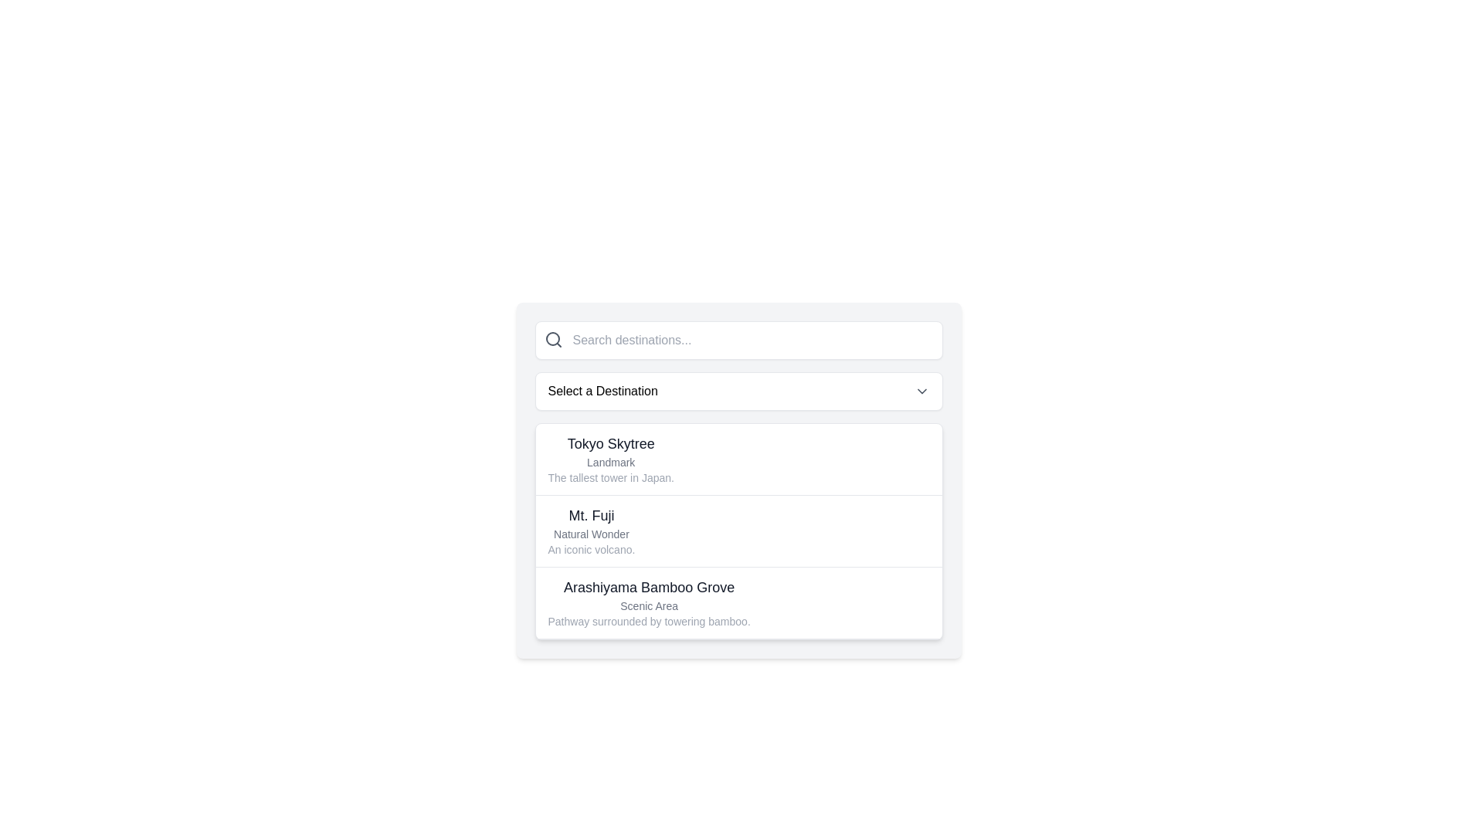 This screenshot has height=834, width=1483. I want to click on details of the destination represented by the Information block for 'Mt. Fuji', which includes the title, subtitle, and description in a vertically-stacked dropdown menu, so click(590, 530).